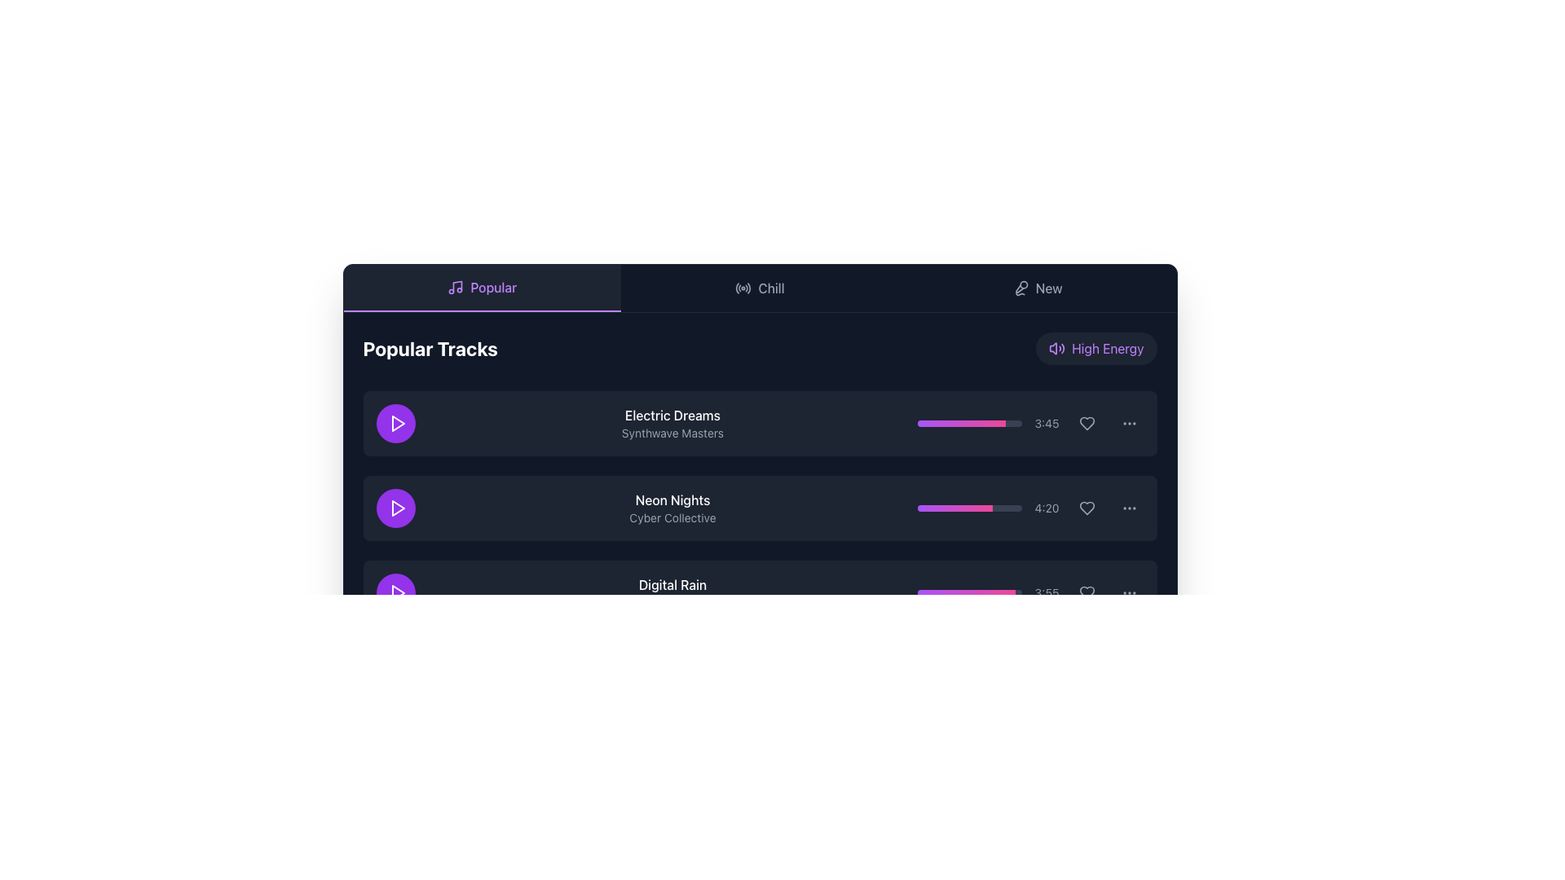 Image resolution: width=1565 pixels, height=880 pixels. Describe the element at coordinates (770, 288) in the screenshot. I see `the 'Chill' music category label located near the center of the top navigation bar` at that location.